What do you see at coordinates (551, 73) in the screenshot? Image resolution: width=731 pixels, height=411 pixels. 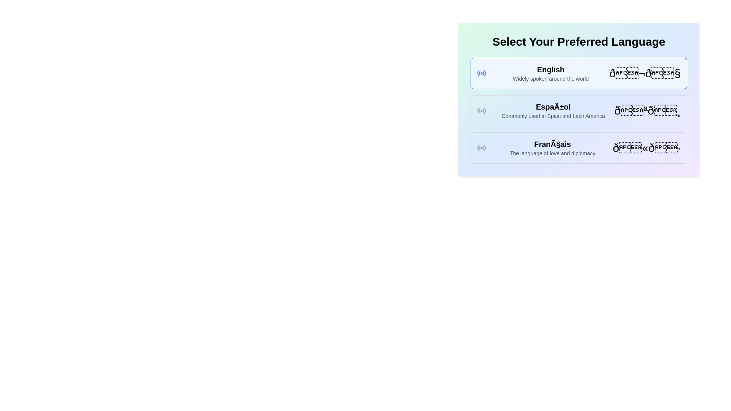 I see `the text element displaying the name and description of the English language in the language selection menu, located directly below the section title 'Select Your Preferred Language'` at bounding box center [551, 73].